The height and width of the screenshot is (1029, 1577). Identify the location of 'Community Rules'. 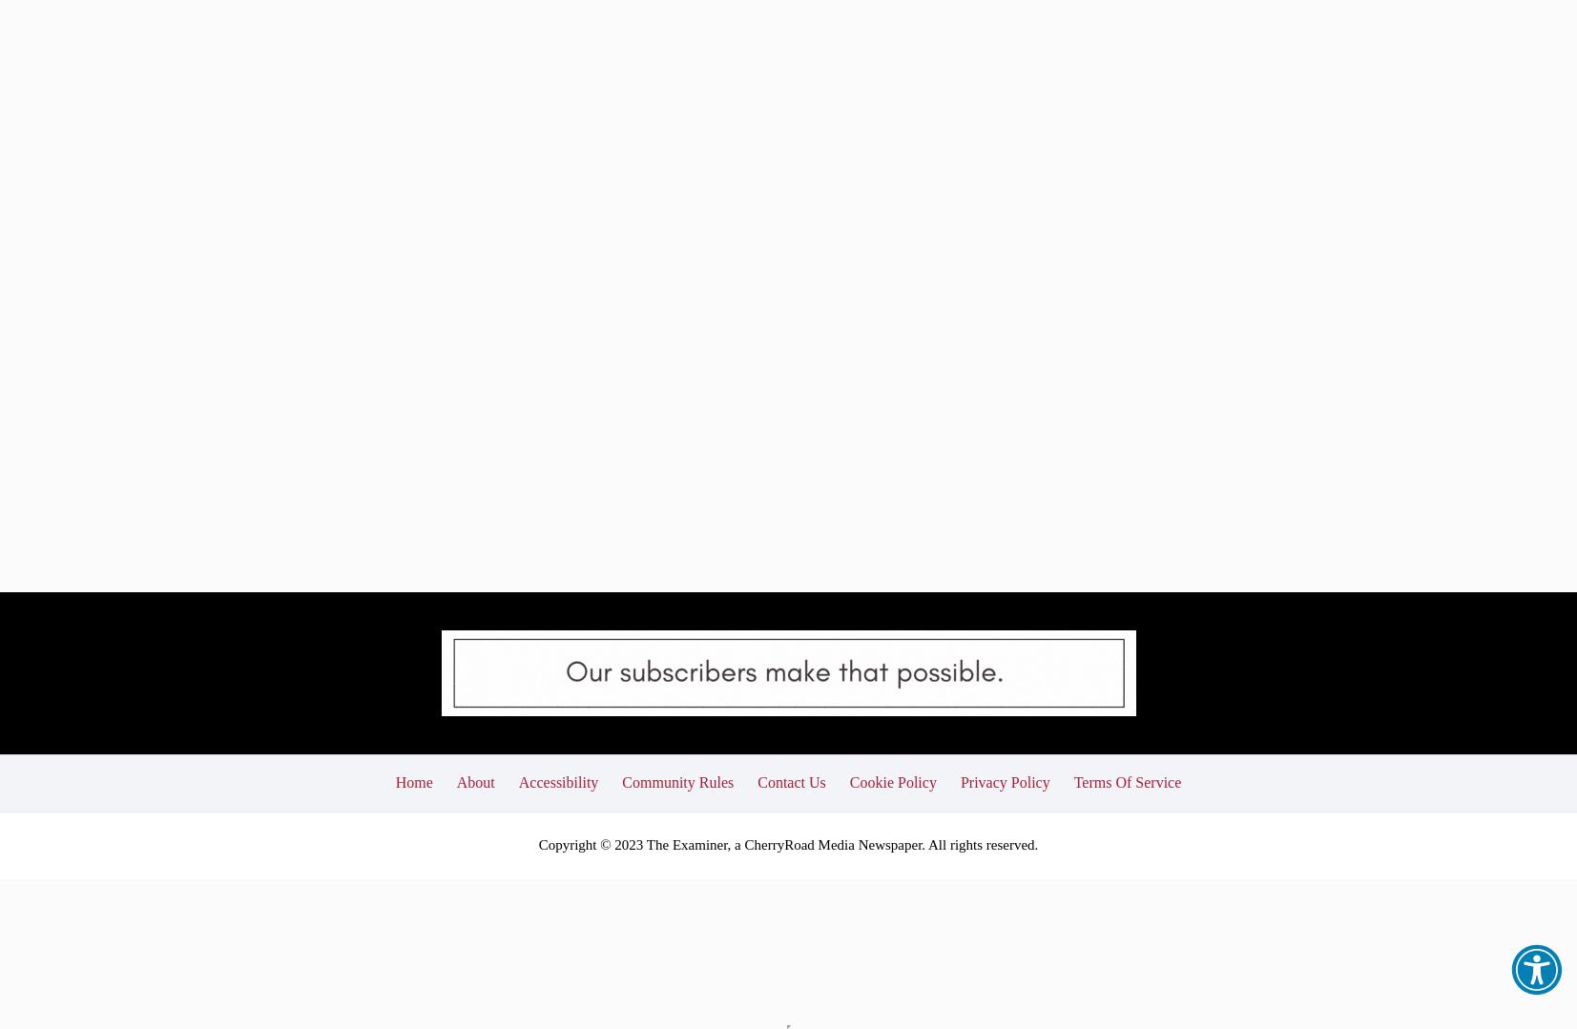
(620, 648).